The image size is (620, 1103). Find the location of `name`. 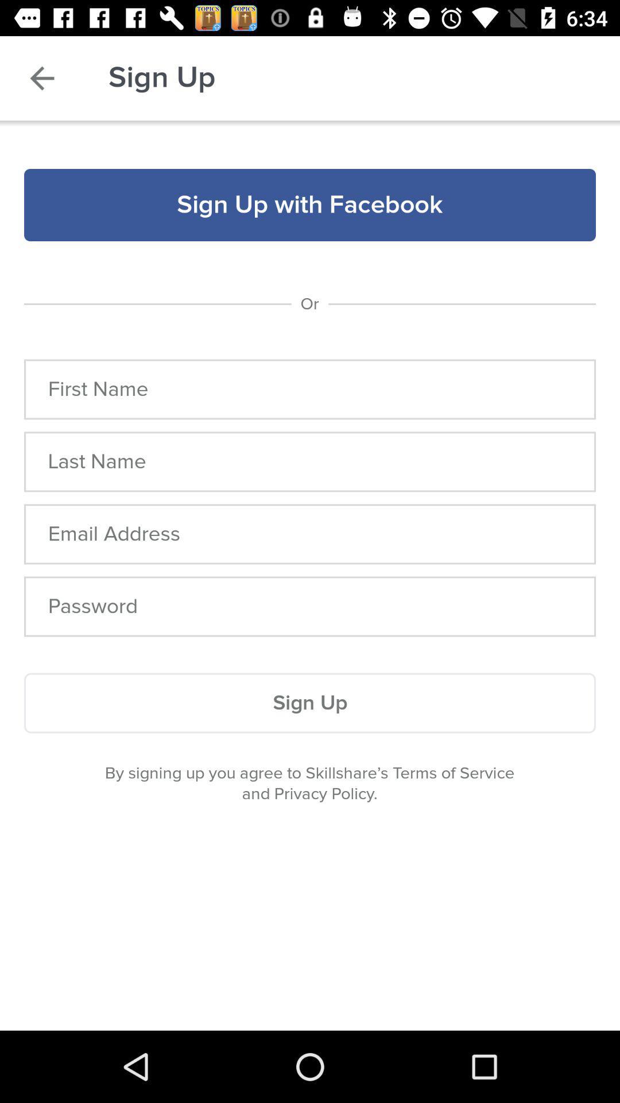

name is located at coordinates (310, 389).